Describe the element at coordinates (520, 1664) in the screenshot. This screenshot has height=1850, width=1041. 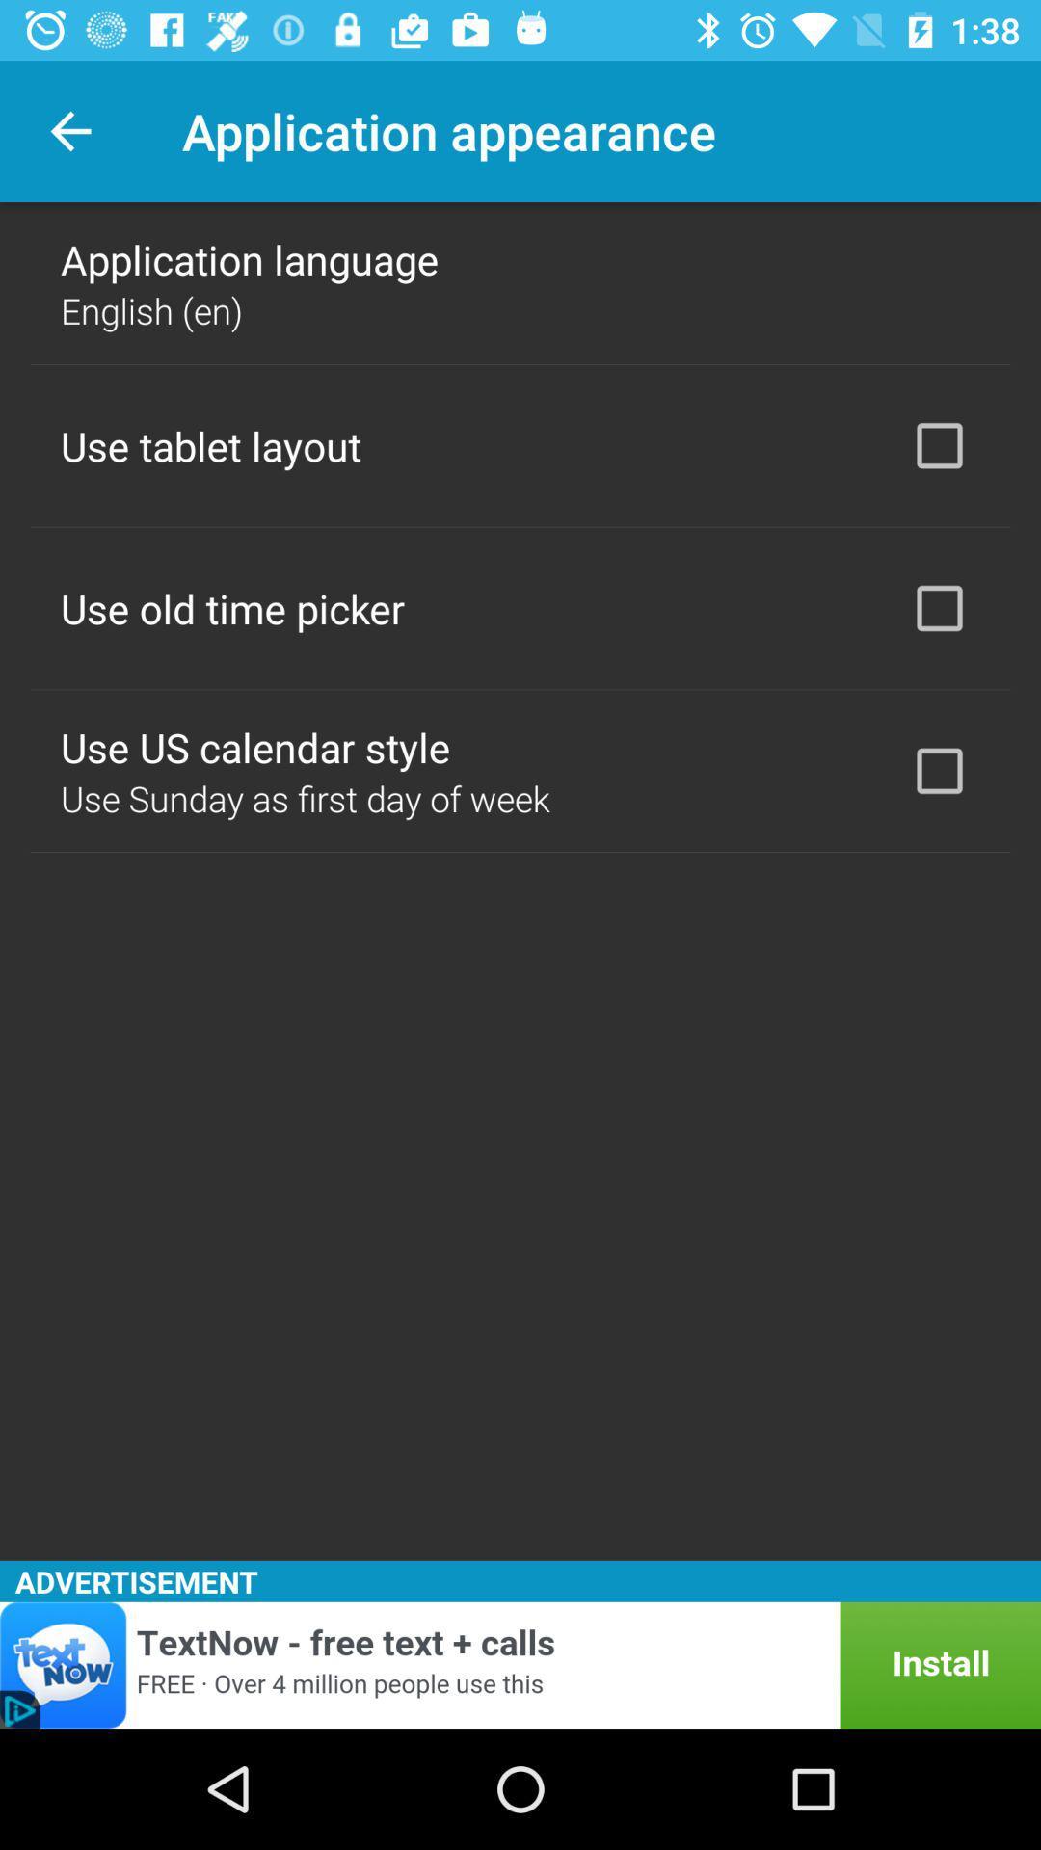
I see `advertising` at that location.